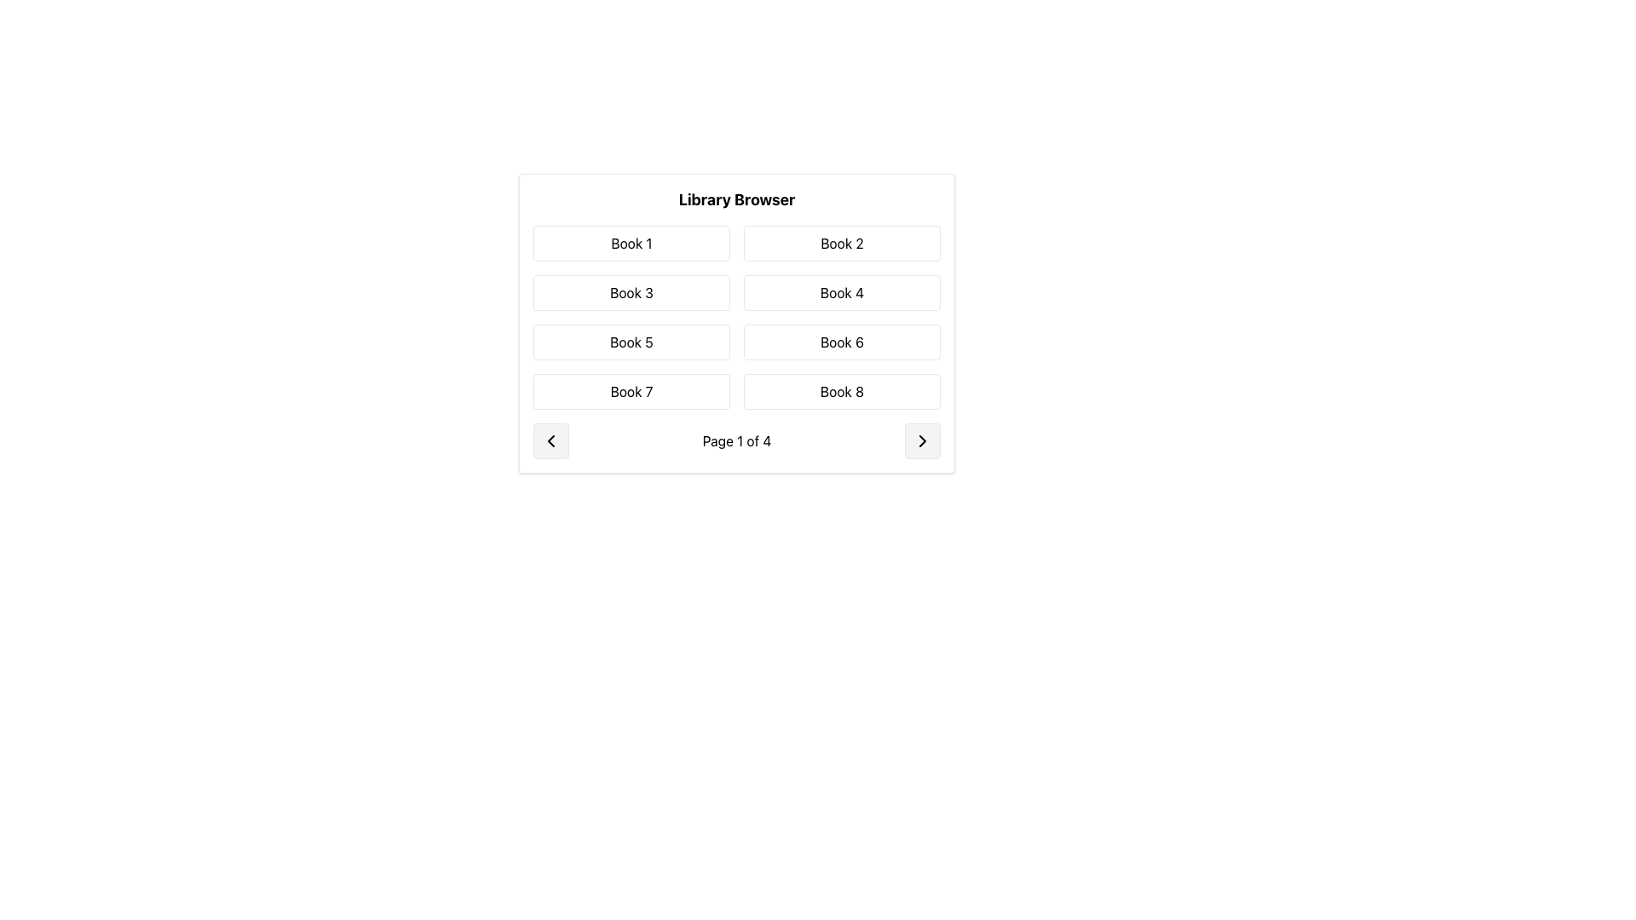 This screenshot has height=920, width=1636. Describe the element at coordinates (922, 440) in the screenshot. I see `the button located in the bottom right corner of the navigation bar` at that location.